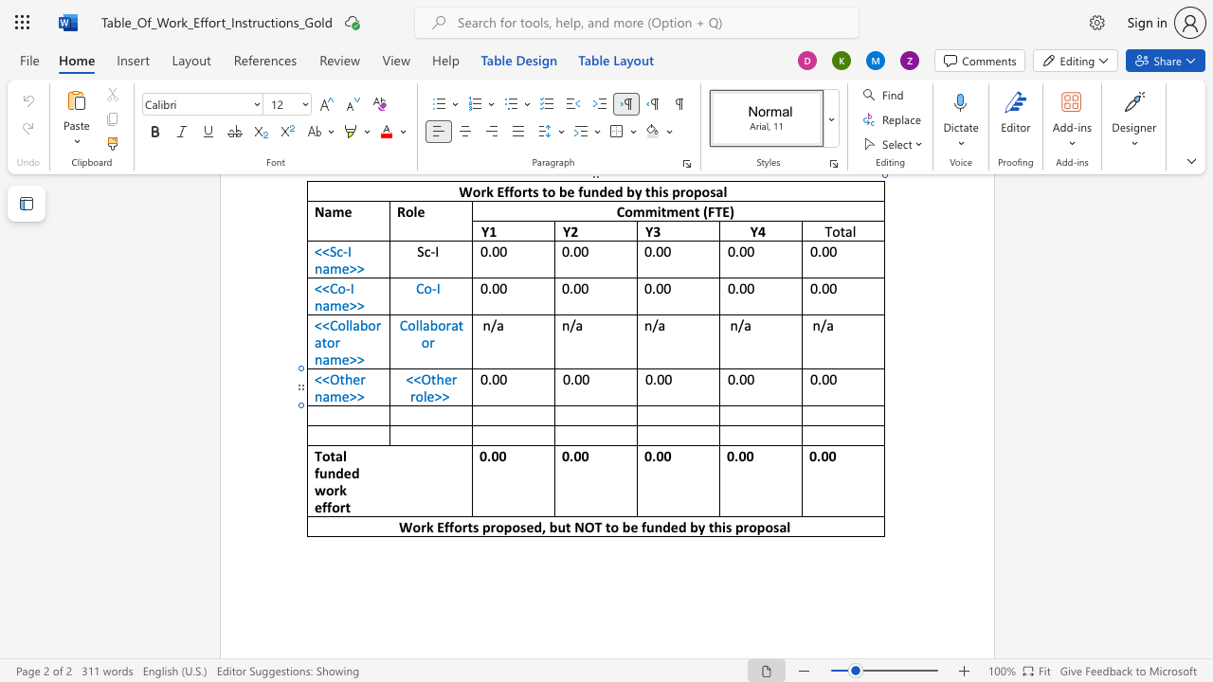 This screenshot has height=682, width=1213. Describe the element at coordinates (443, 527) in the screenshot. I see `the space between the continuous character "E" and "f" in the text` at that location.